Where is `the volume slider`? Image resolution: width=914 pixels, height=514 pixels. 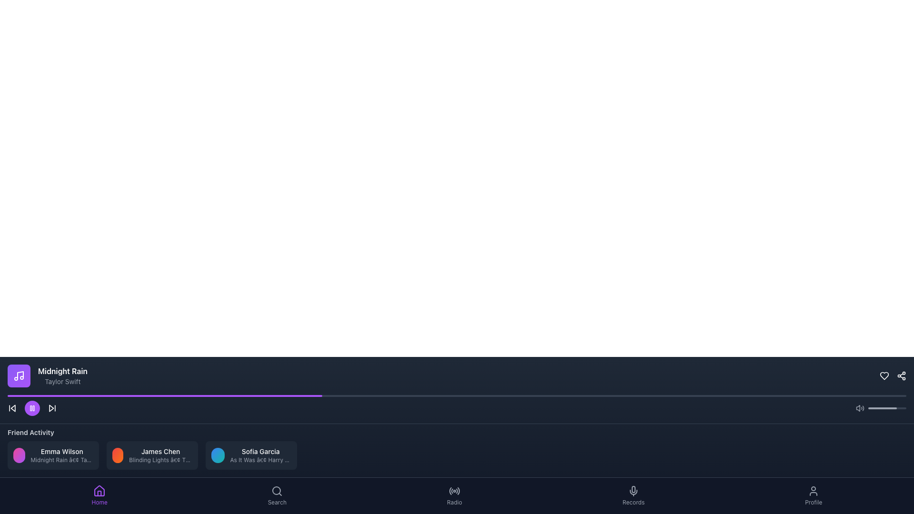
the volume slider is located at coordinates (874, 407).